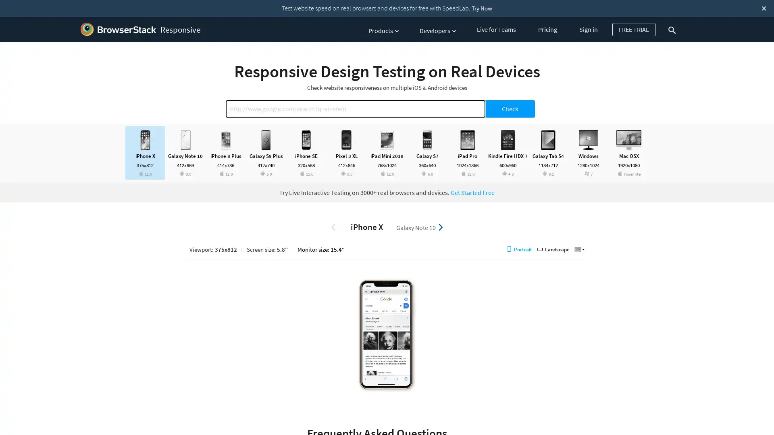 The height and width of the screenshot is (435, 774). I want to click on Skip to main content, so click(1, 20).